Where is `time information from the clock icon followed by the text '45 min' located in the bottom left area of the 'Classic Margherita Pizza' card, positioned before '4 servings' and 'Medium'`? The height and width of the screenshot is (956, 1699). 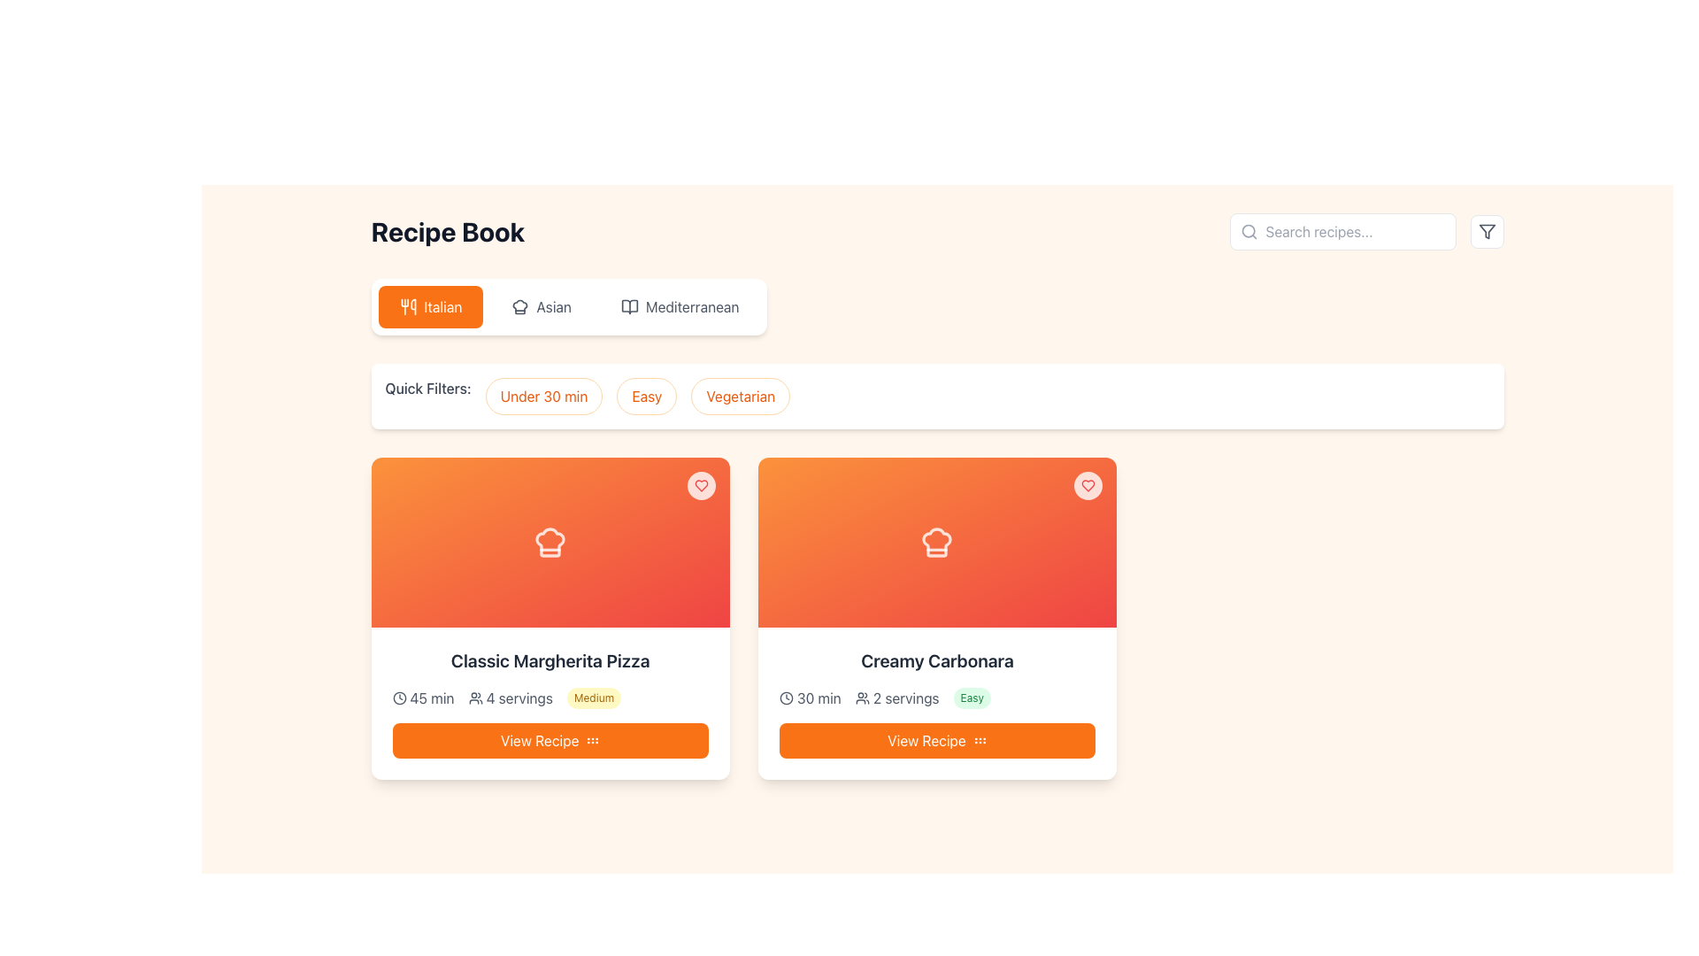 time information from the clock icon followed by the text '45 min' located in the bottom left area of the 'Classic Margherita Pizza' card, positioned before '4 servings' and 'Medium' is located at coordinates (422, 698).